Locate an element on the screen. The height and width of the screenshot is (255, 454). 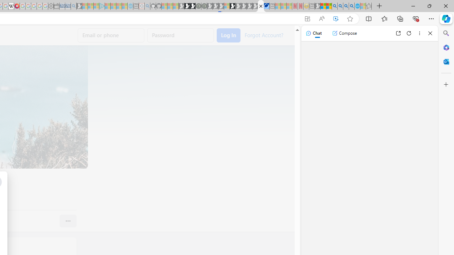
'Future Focus Report 2024 - Sleeping' is located at coordinates (204, 6).